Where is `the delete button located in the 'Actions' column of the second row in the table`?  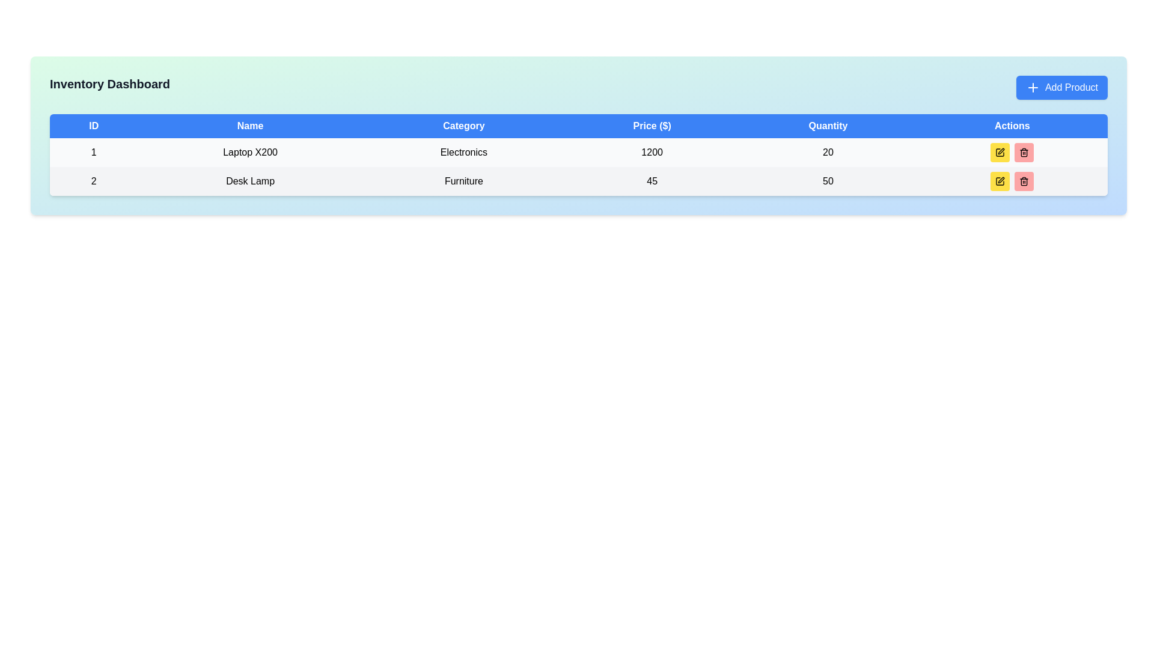 the delete button located in the 'Actions' column of the second row in the table is located at coordinates (1024, 152).